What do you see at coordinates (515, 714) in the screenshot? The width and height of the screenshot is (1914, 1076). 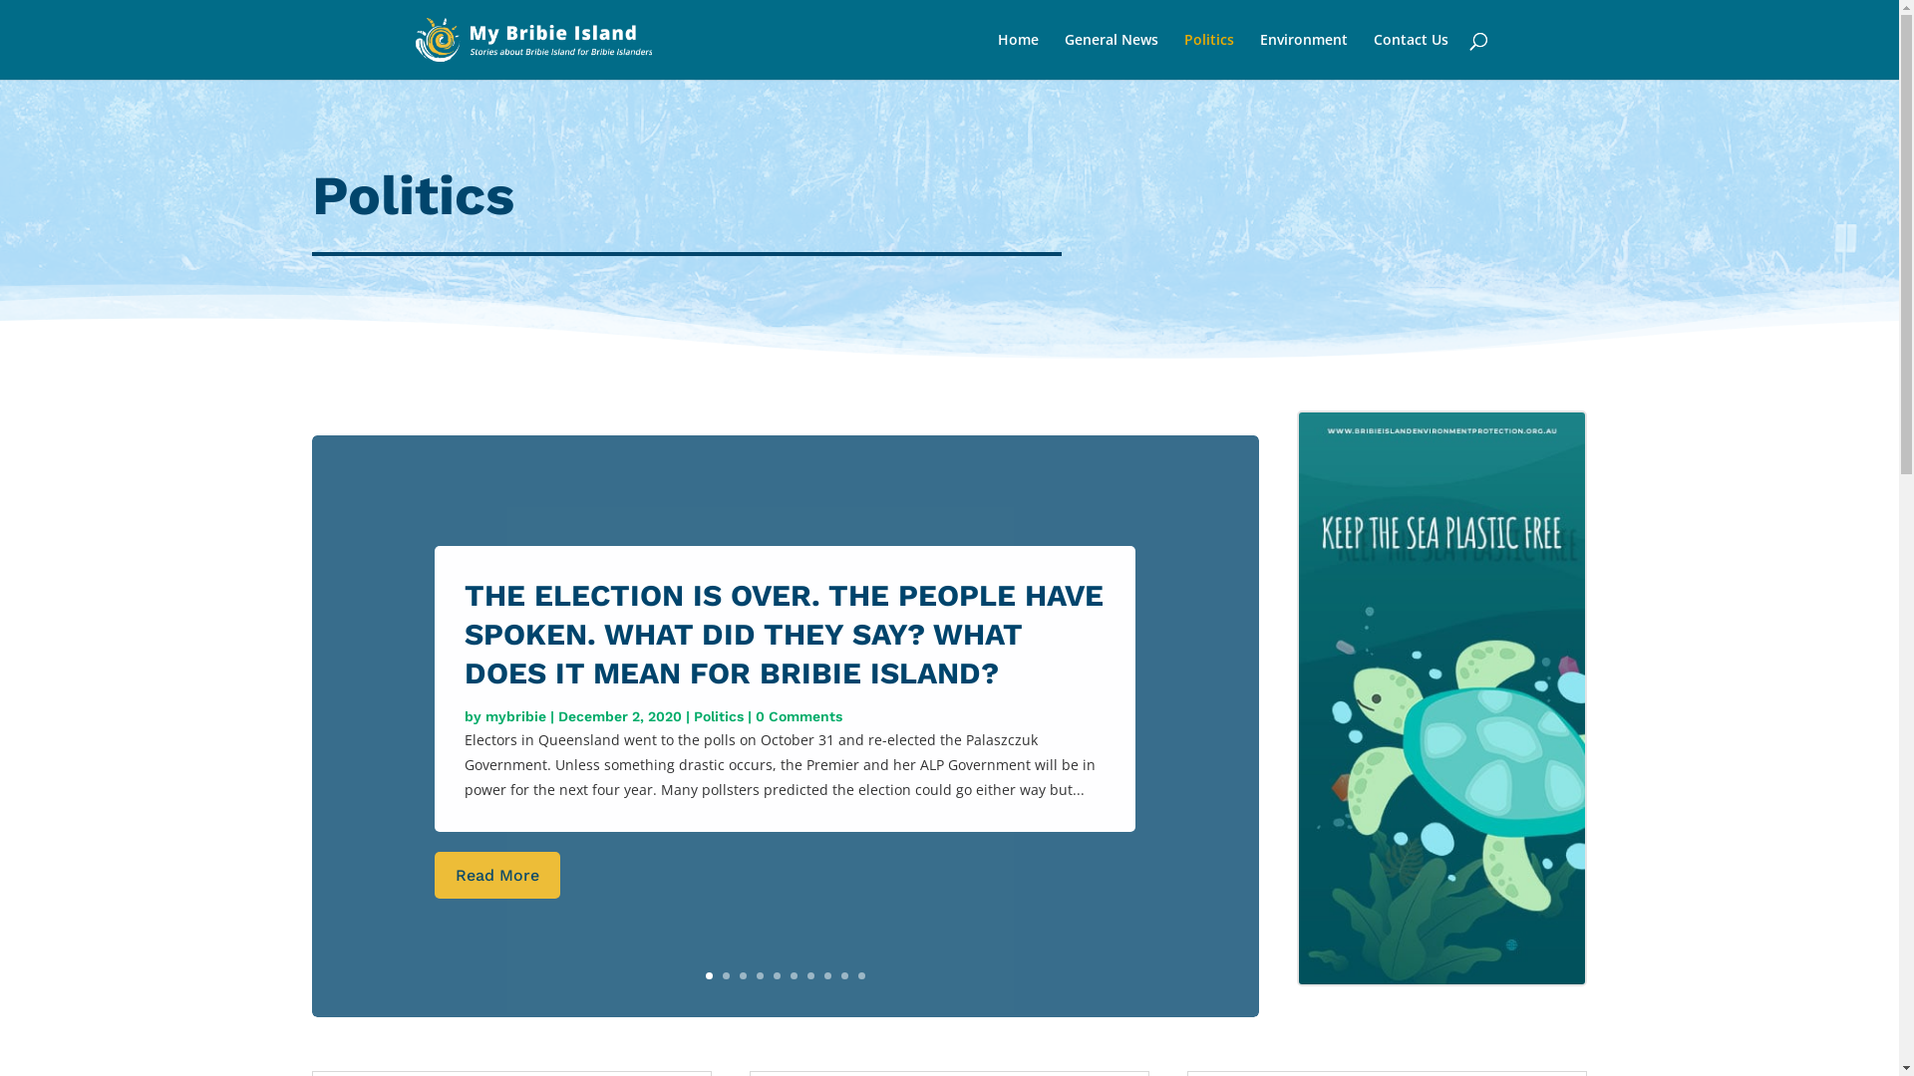 I see `'mybribie'` at bounding box center [515, 714].